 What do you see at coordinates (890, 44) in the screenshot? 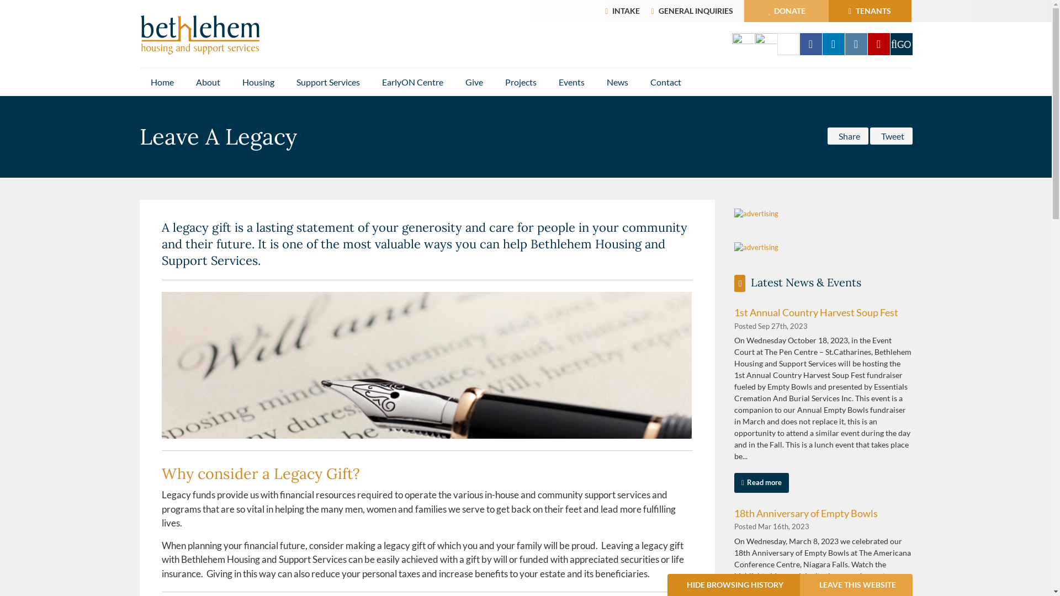
I see `'submit'` at bounding box center [890, 44].